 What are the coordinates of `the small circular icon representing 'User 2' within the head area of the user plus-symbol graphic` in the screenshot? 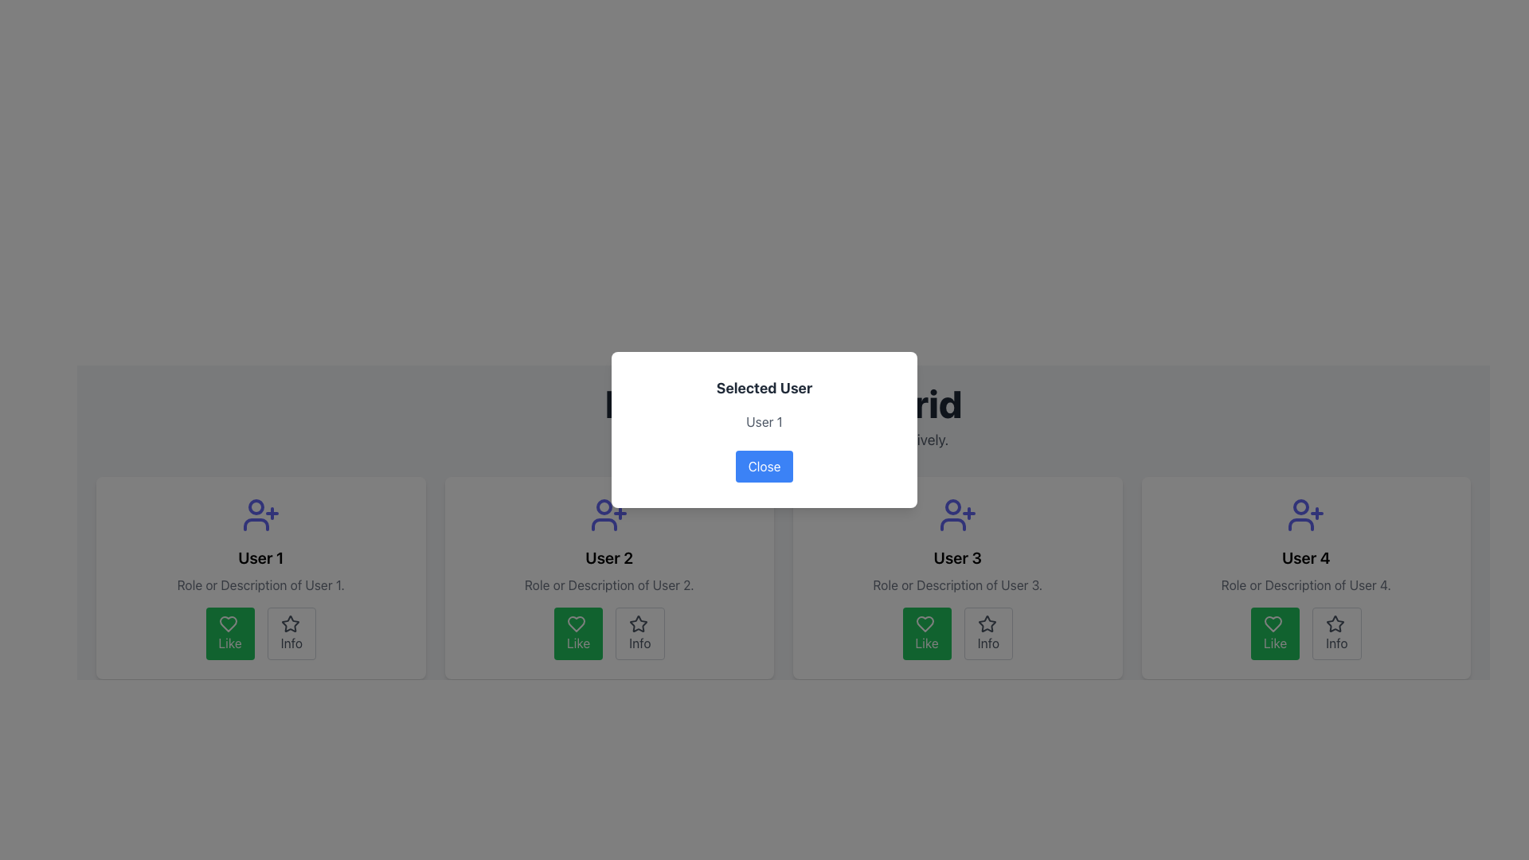 It's located at (604, 506).